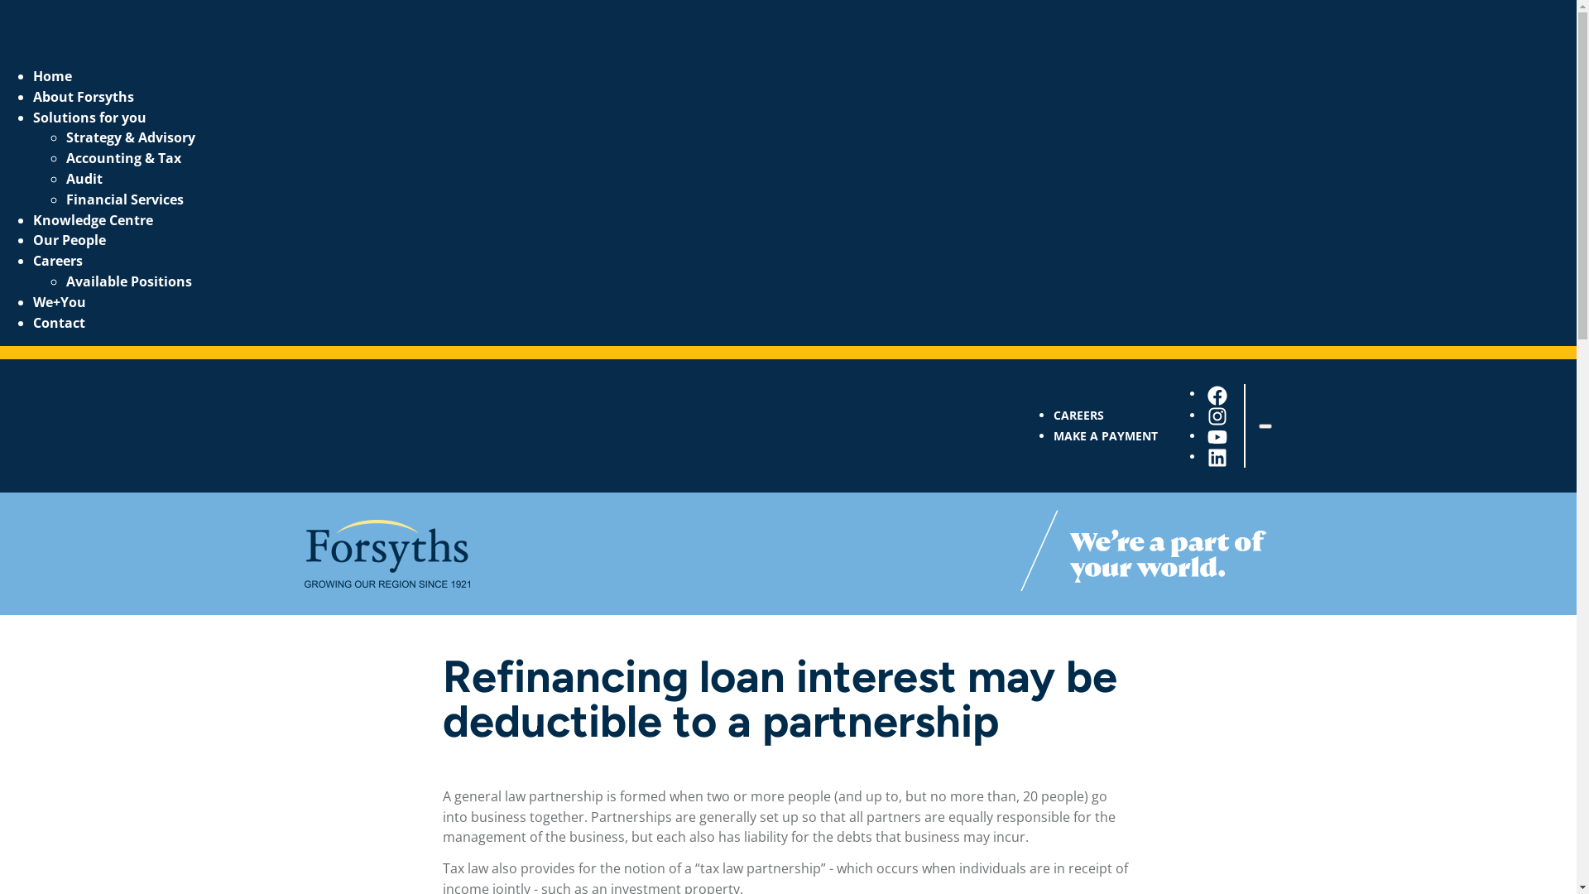 Image resolution: width=1589 pixels, height=894 pixels. What do you see at coordinates (59, 322) in the screenshot?
I see `'Contact'` at bounding box center [59, 322].